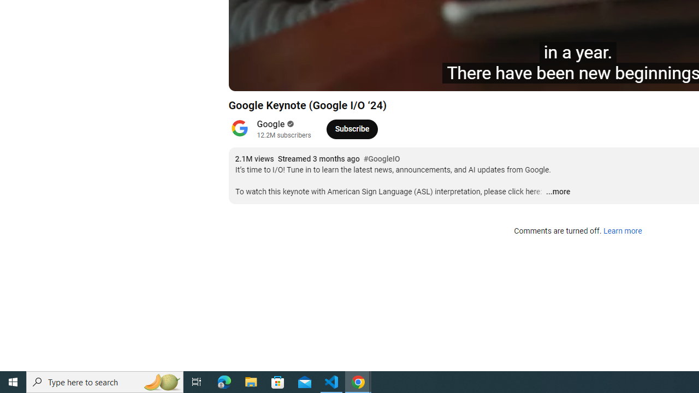 This screenshot has height=393, width=699. What do you see at coordinates (352, 128) in the screenshot?
I see `'Subscribe to Google.'` at bounding box center [352, 128].